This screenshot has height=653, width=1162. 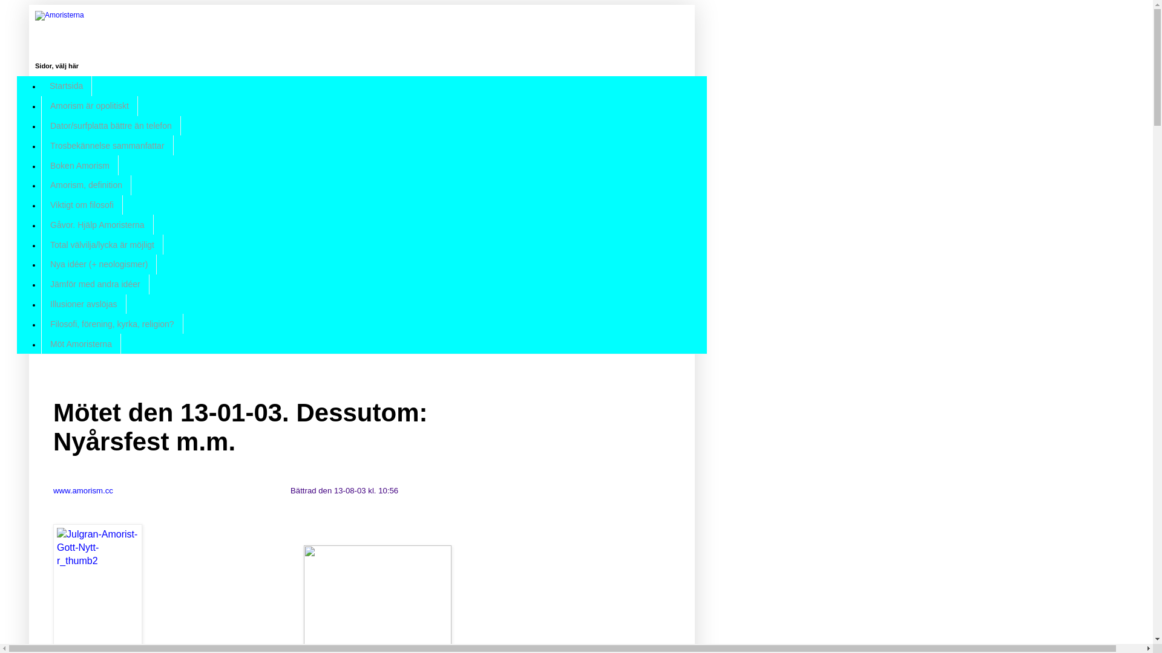 What do you see at coordinates (41, 85) in the screenshot?
I see `'Startsida'` at bounding box center [41, 85].